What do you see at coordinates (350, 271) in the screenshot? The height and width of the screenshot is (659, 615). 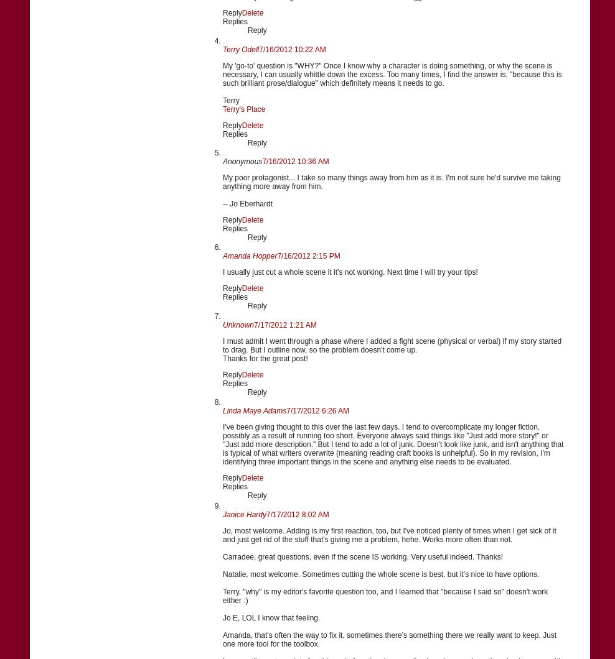 I see `'I usually just cut a whole scene it it's not working. Next time I will try your tips!'` at bounding box center [350, 271].